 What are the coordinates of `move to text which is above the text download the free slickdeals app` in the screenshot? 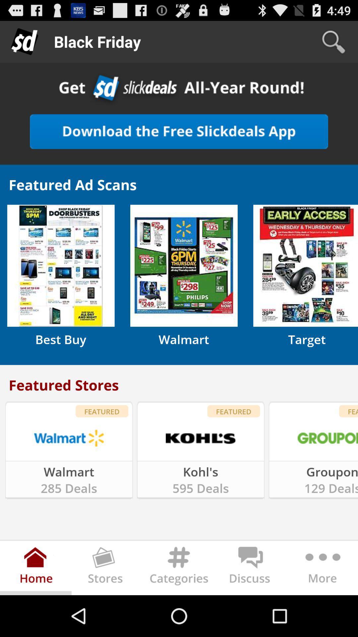 It's located at (179, 89).